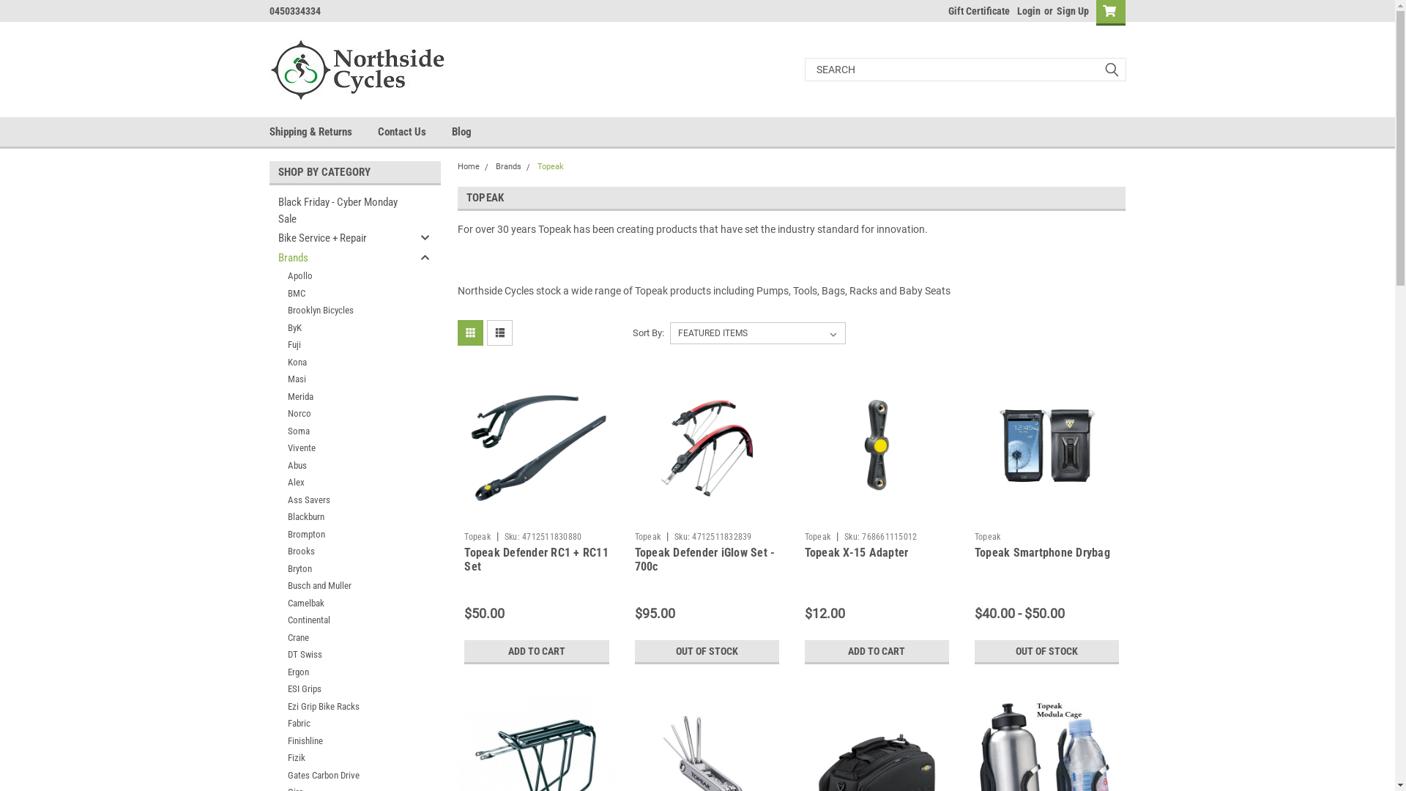 This screenshot has width=1406, height=791. I want to click on 'Sku: 768661115012', so click(879, 536).